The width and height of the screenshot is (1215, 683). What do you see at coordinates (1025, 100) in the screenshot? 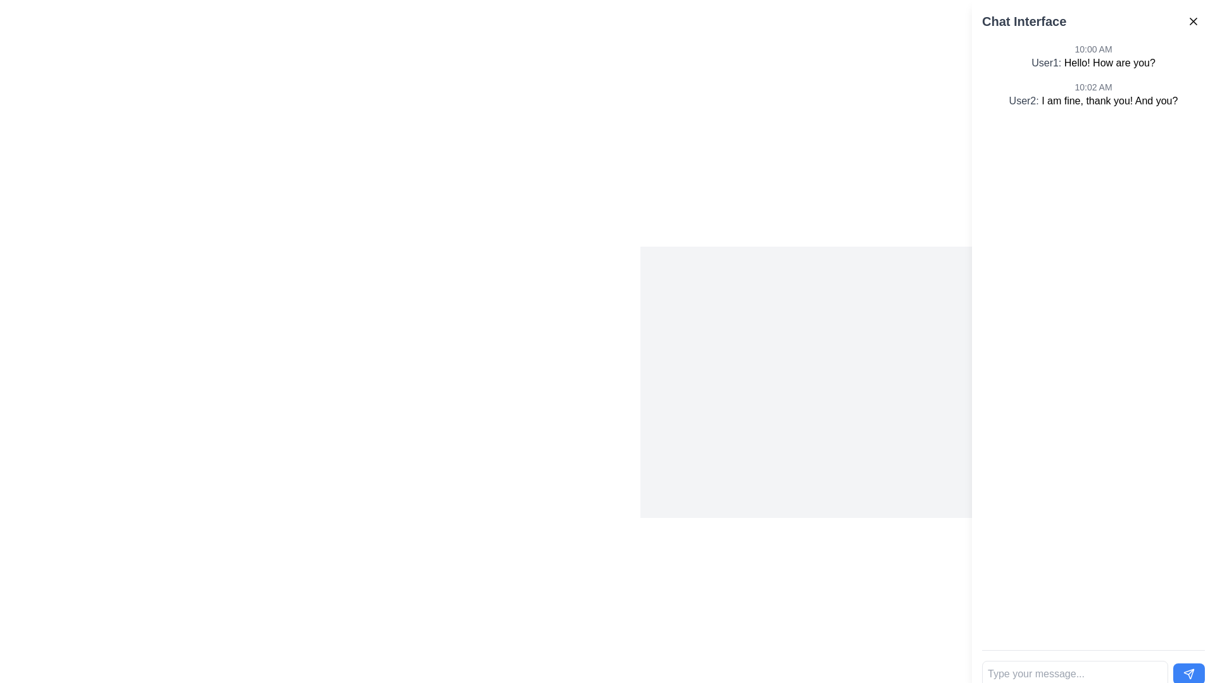
I see `the text label displaying the user identifier 'User2:' in the chat interface` at bounding box center [1025, 100].